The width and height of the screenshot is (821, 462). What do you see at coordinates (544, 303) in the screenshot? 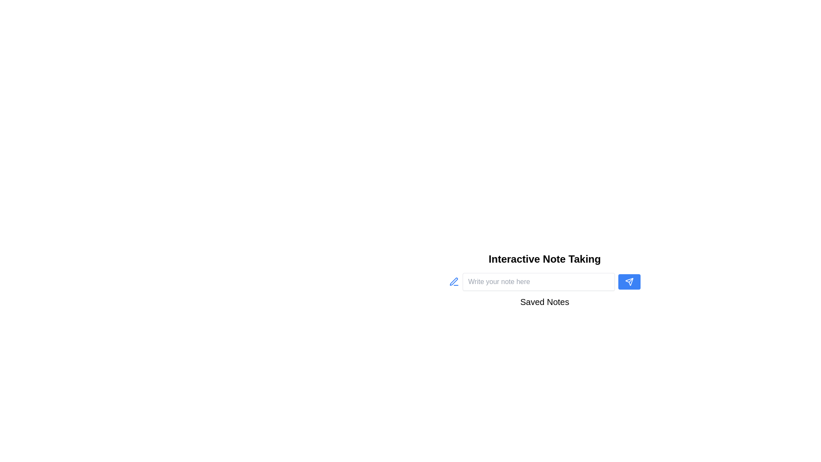
I see `the Static Text label that indicates the section for saved notes, located below the 'Write your note here' textbox in the 'Interactive Note Taking' group` at bounding box center [544, 303].